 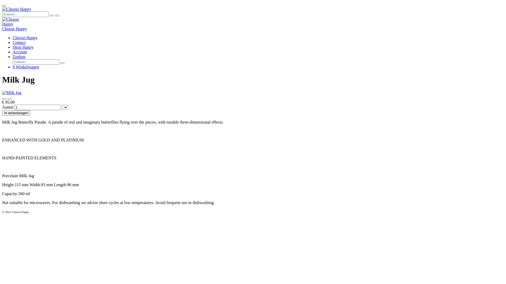 What do you see at coordinates (25, 37) in the screenshot?
I see `'Choose Happy'` at bounding box center [25, 37].